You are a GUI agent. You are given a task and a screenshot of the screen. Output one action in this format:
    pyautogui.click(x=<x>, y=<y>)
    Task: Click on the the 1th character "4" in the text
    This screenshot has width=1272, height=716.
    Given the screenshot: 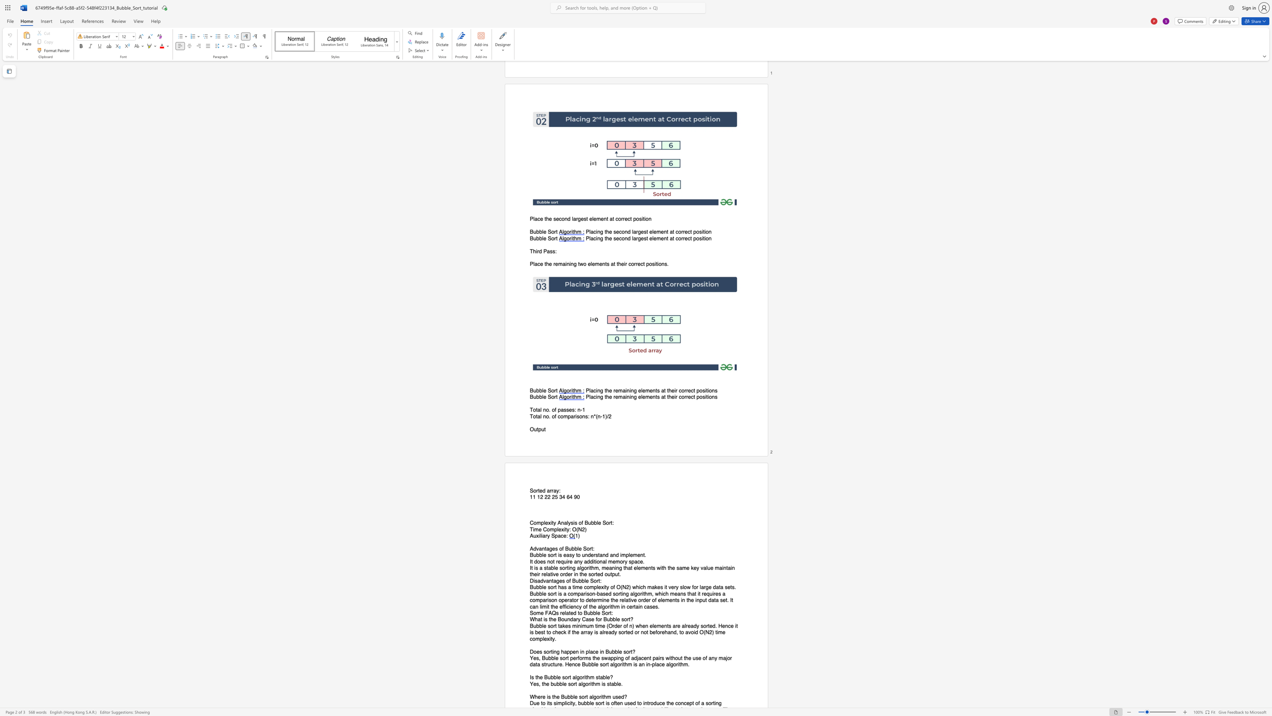 What is the action you would take?
    pyautogui.click(x=563, y=497)
    